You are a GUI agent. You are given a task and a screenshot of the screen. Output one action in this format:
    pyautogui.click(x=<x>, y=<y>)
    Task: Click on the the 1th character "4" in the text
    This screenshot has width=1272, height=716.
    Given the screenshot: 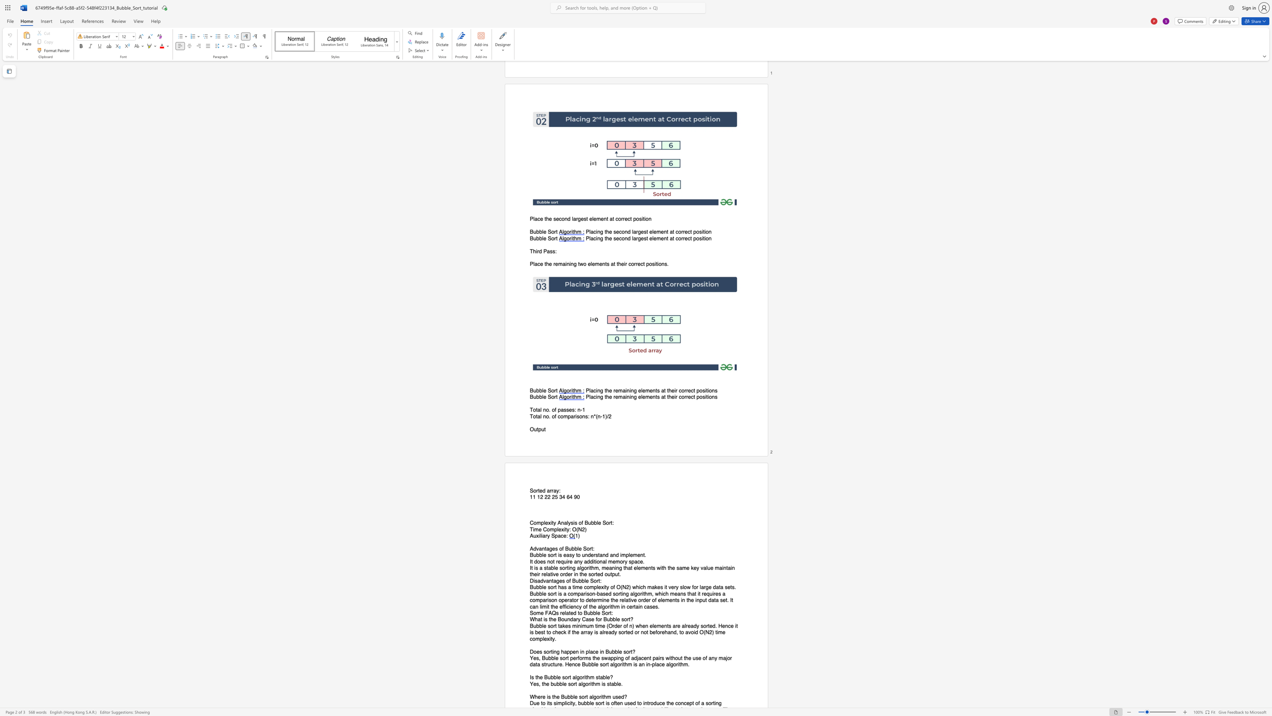 What is the action you would take?
    pyautogui.click(x=563, y=497)
    